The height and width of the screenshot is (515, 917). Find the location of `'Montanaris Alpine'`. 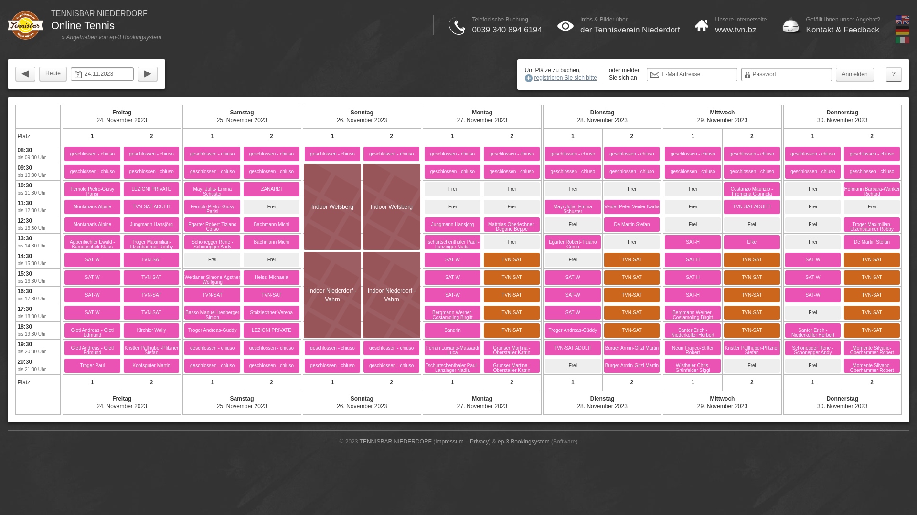

'Montanaris Alpine' is located at coordinates (92, 206).